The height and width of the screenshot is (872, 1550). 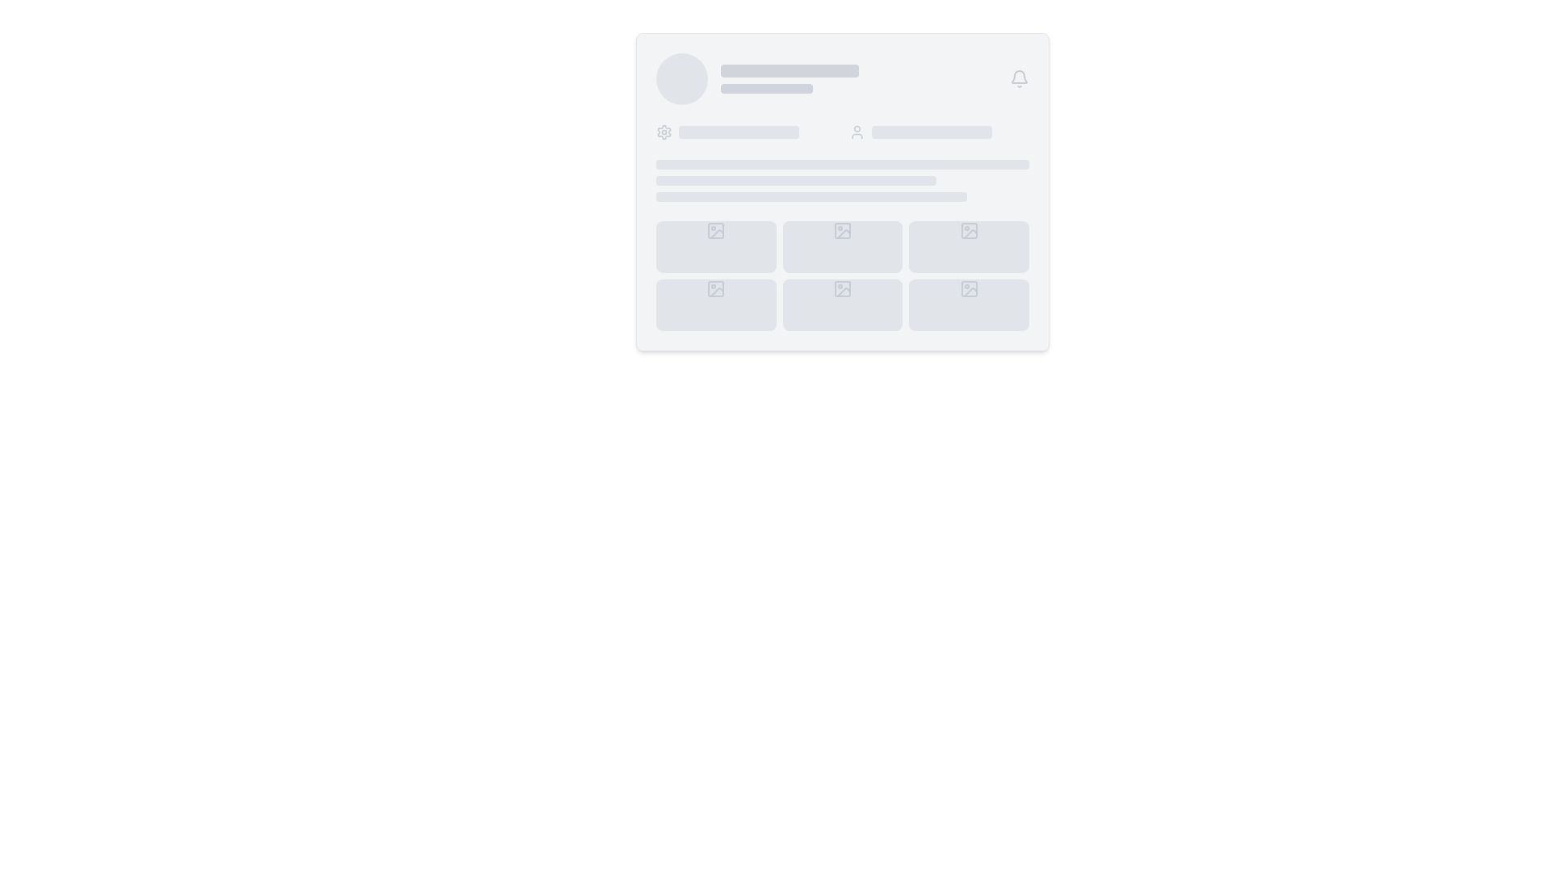 What do you see at coordinates (841, 305) in the screenshot?
I see `the Placeholder box with embedded icon located in the second row and second column of the grid layout for navigation purposes` at bounding box center [841, 305].